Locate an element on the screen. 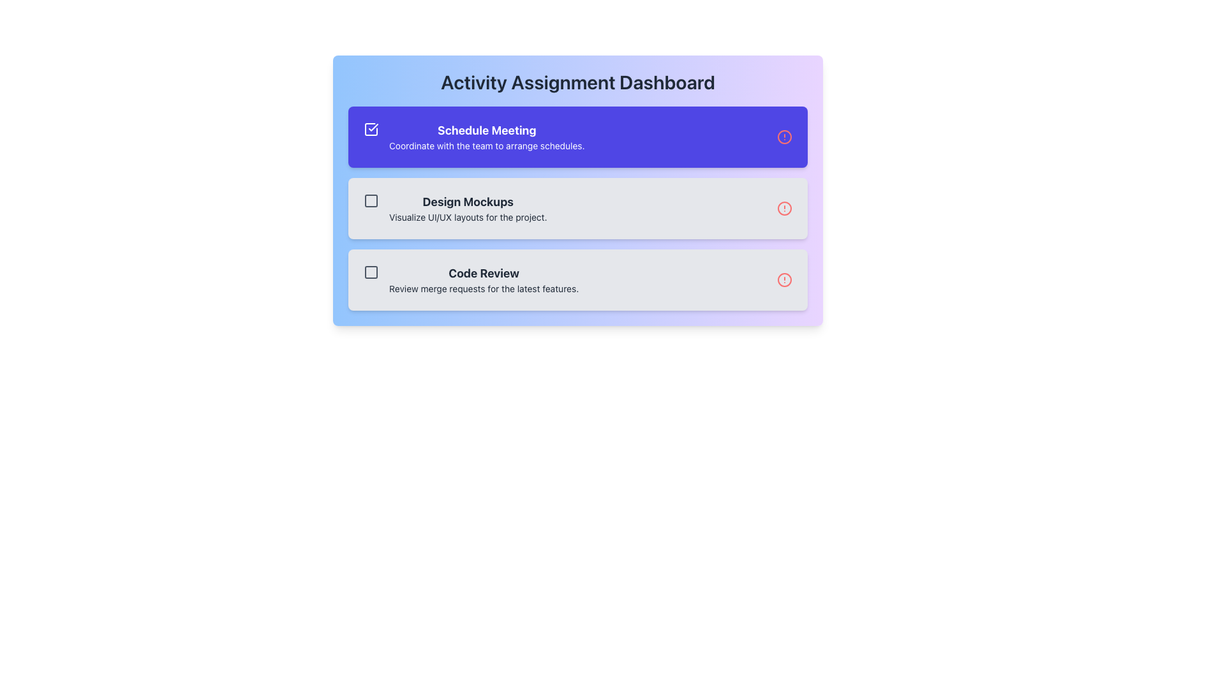  the Decorative Alert Icon located on the right-hand side of the third card titled 'Code Review' in the vertical list of cards is located at coordinates (783, 279).